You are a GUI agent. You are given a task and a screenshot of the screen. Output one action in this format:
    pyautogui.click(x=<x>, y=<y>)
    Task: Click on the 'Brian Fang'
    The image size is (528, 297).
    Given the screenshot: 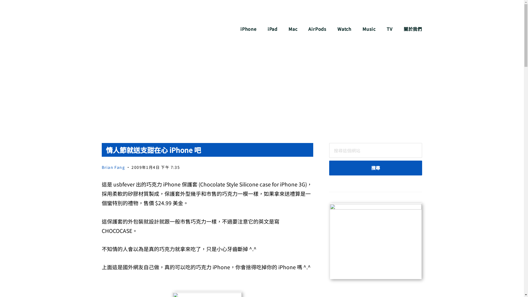 What is the action you would take?
    pyautogui.click(x=113, y=167)
    